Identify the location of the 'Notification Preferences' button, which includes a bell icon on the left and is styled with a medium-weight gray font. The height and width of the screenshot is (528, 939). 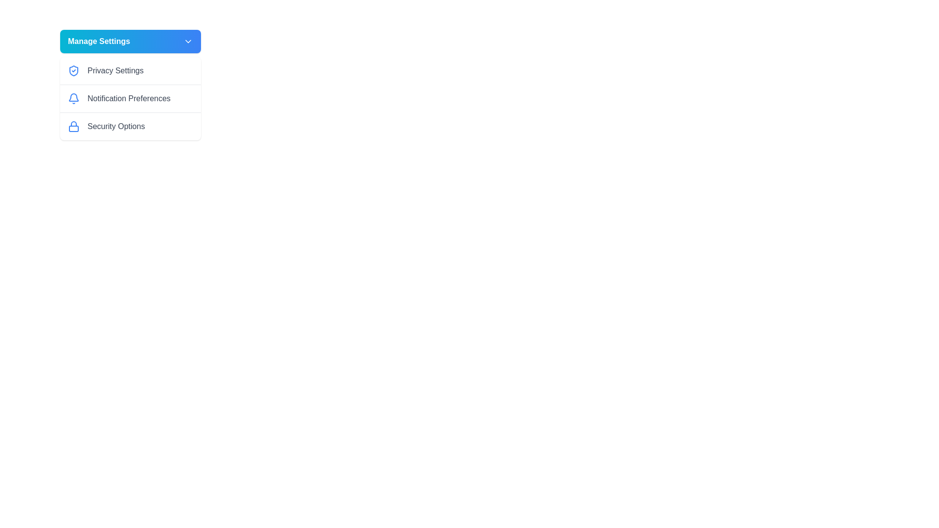
(130, 98).